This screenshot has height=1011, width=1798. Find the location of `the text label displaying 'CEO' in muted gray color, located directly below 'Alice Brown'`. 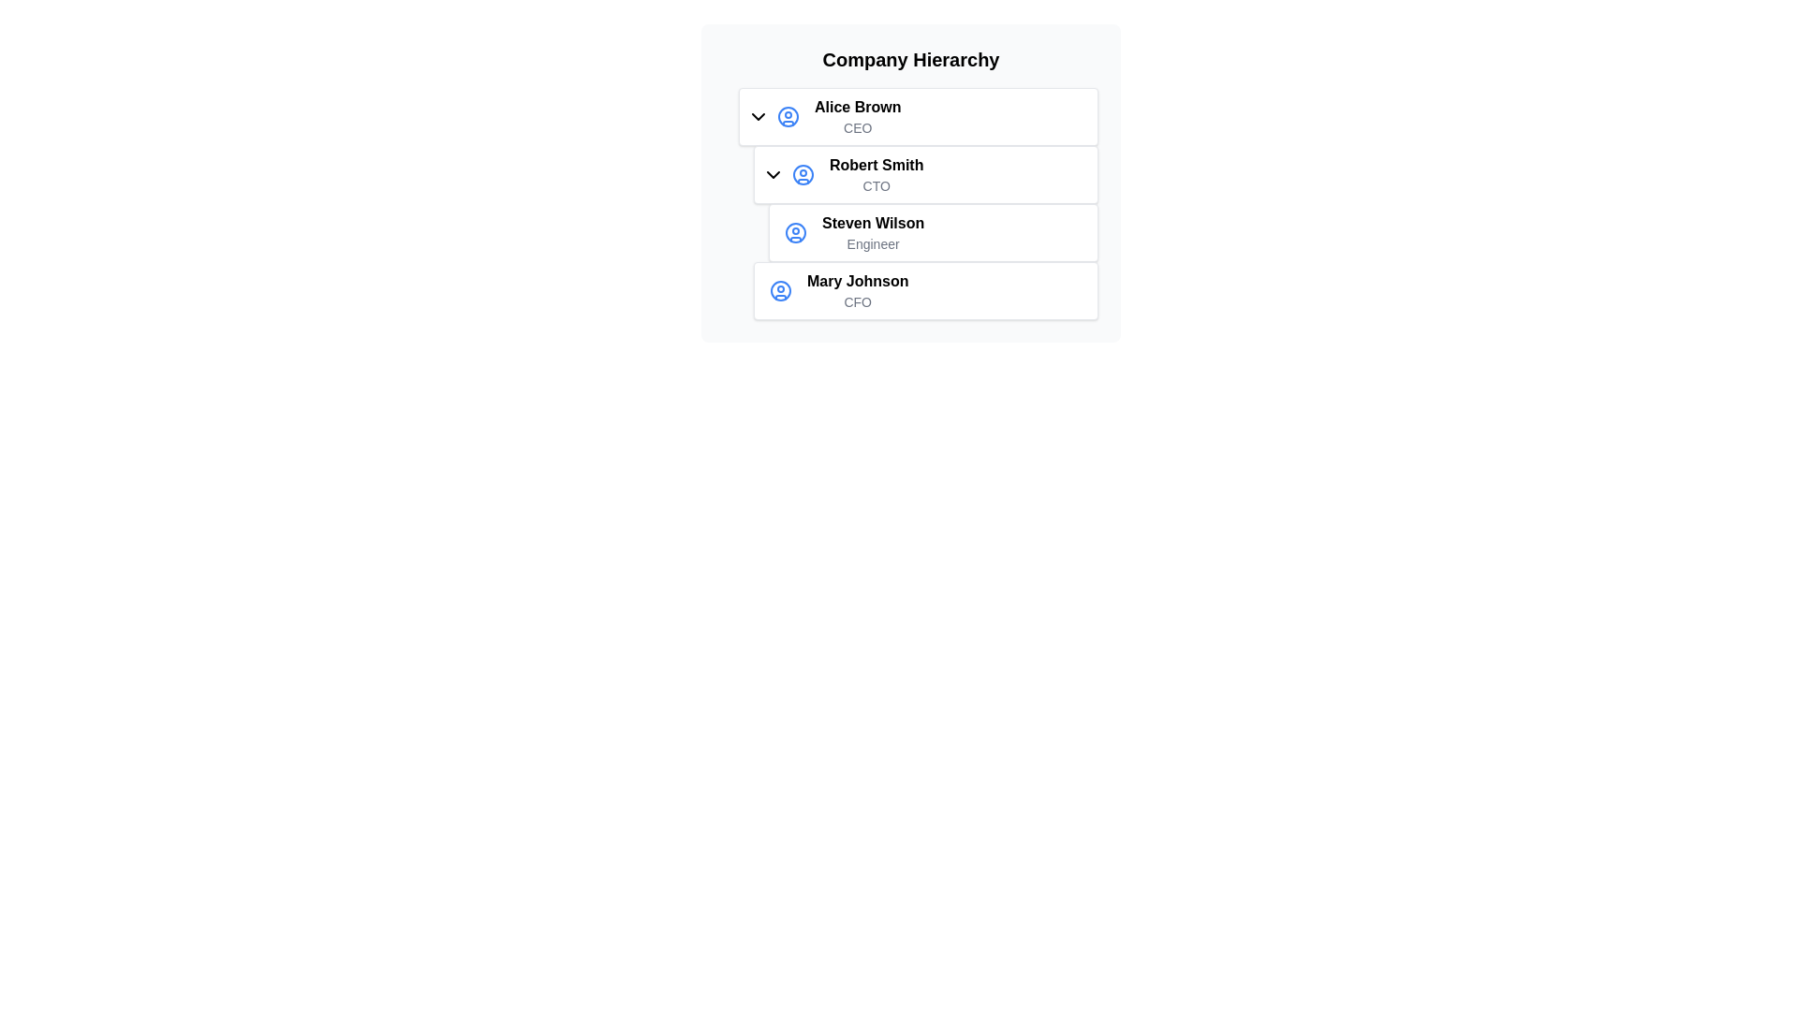

the text label displaying 'CEO' in muted gray color, located directly below 'Alice Brown' is located at coordinates (857, 127).